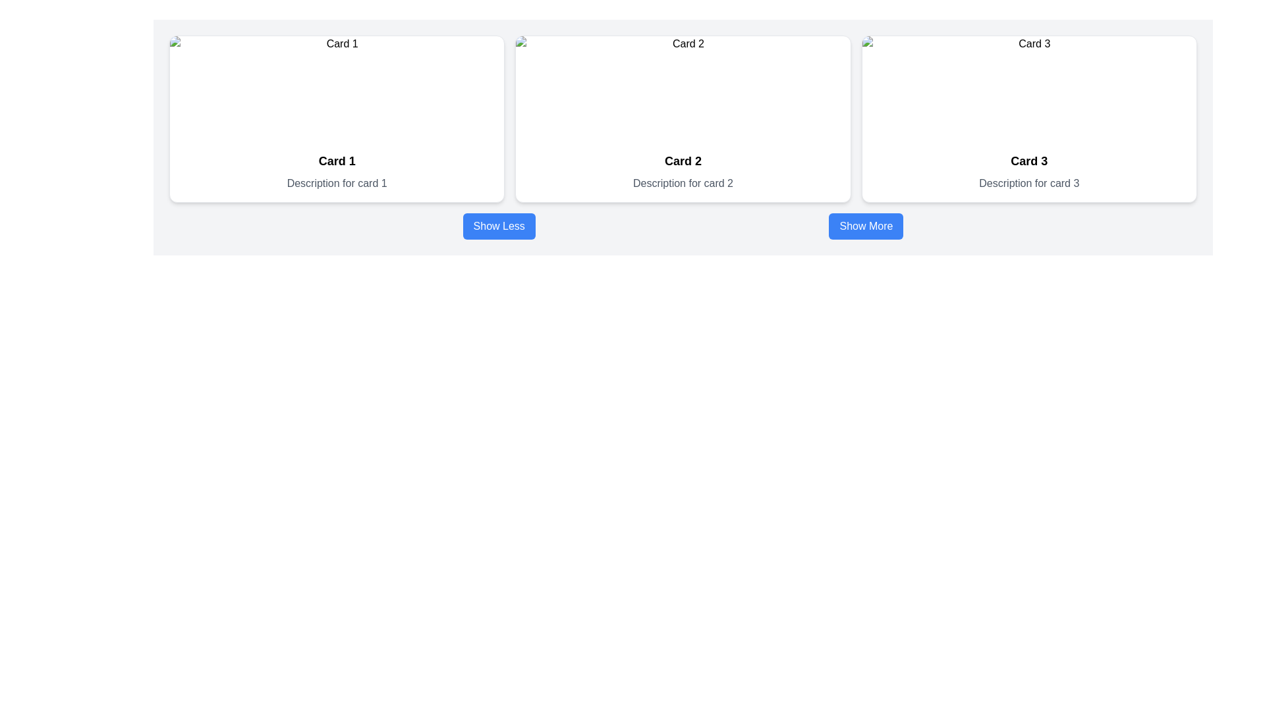 Image resolution: width=1265 pixels, height=711 pixels. I want to click on descriptive text content block related to the first card in the grid, positioned below the 'Card 1' image, so click(337, 171).